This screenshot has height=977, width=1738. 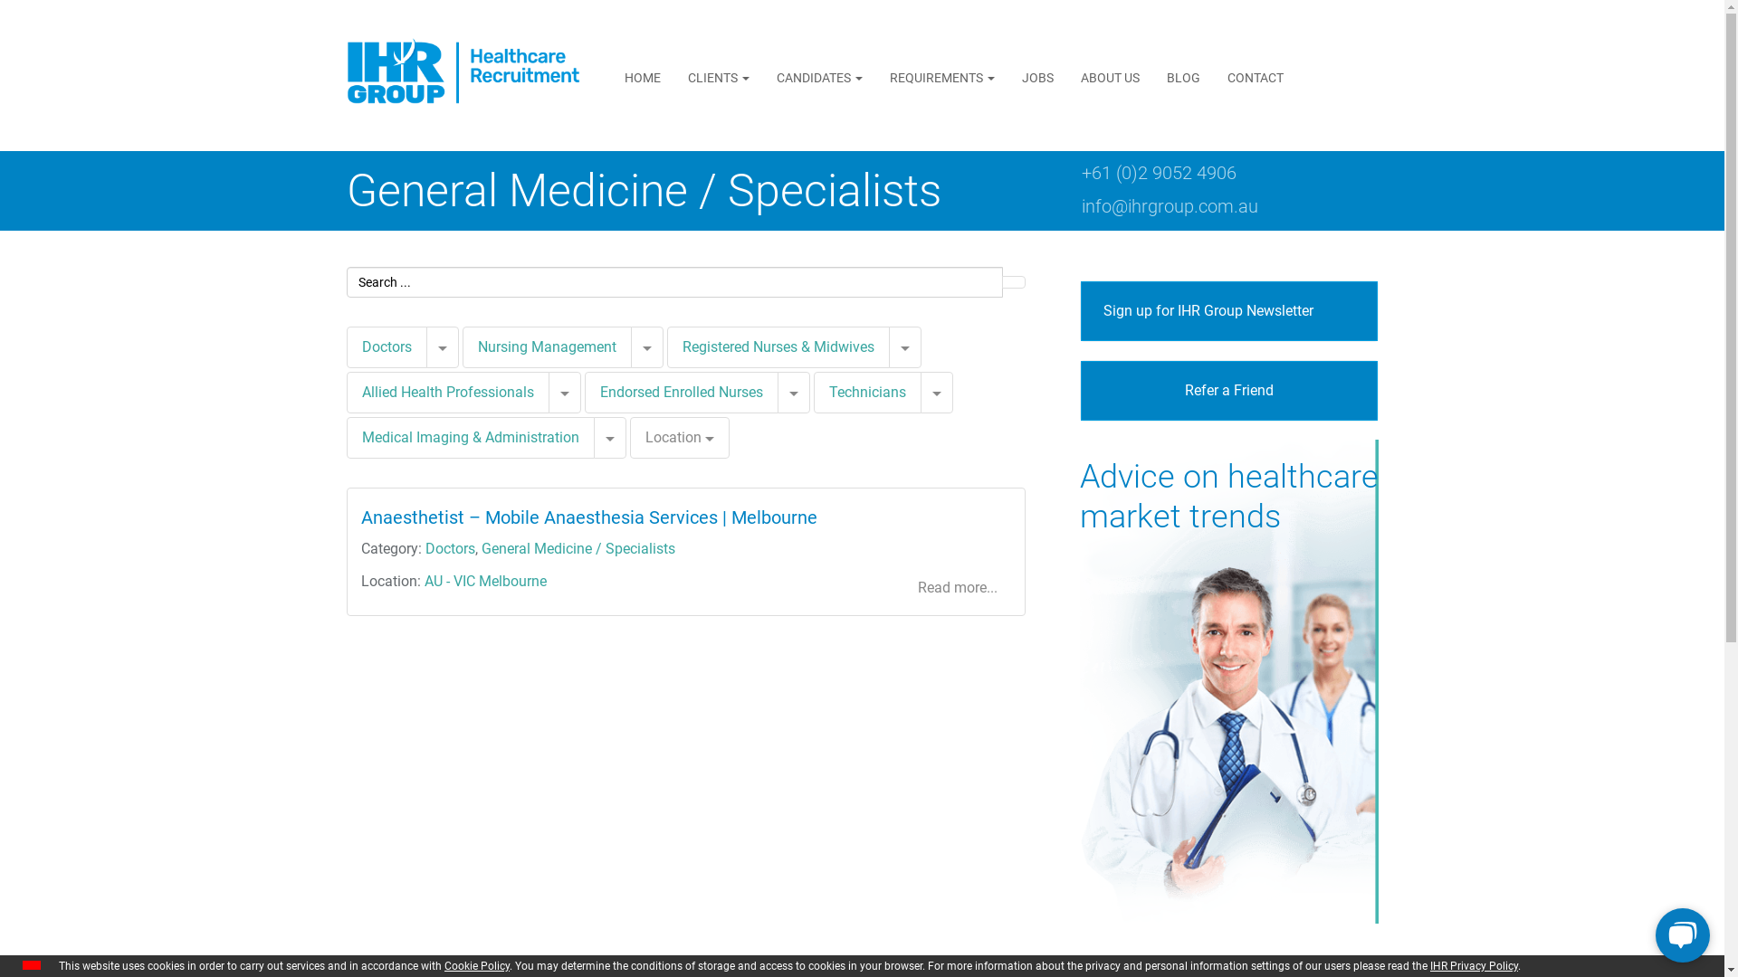 What do you see at coordinates (1007, 76) in the screenshot?
I see `'JOBS'` at bounding box center [1007, 76].